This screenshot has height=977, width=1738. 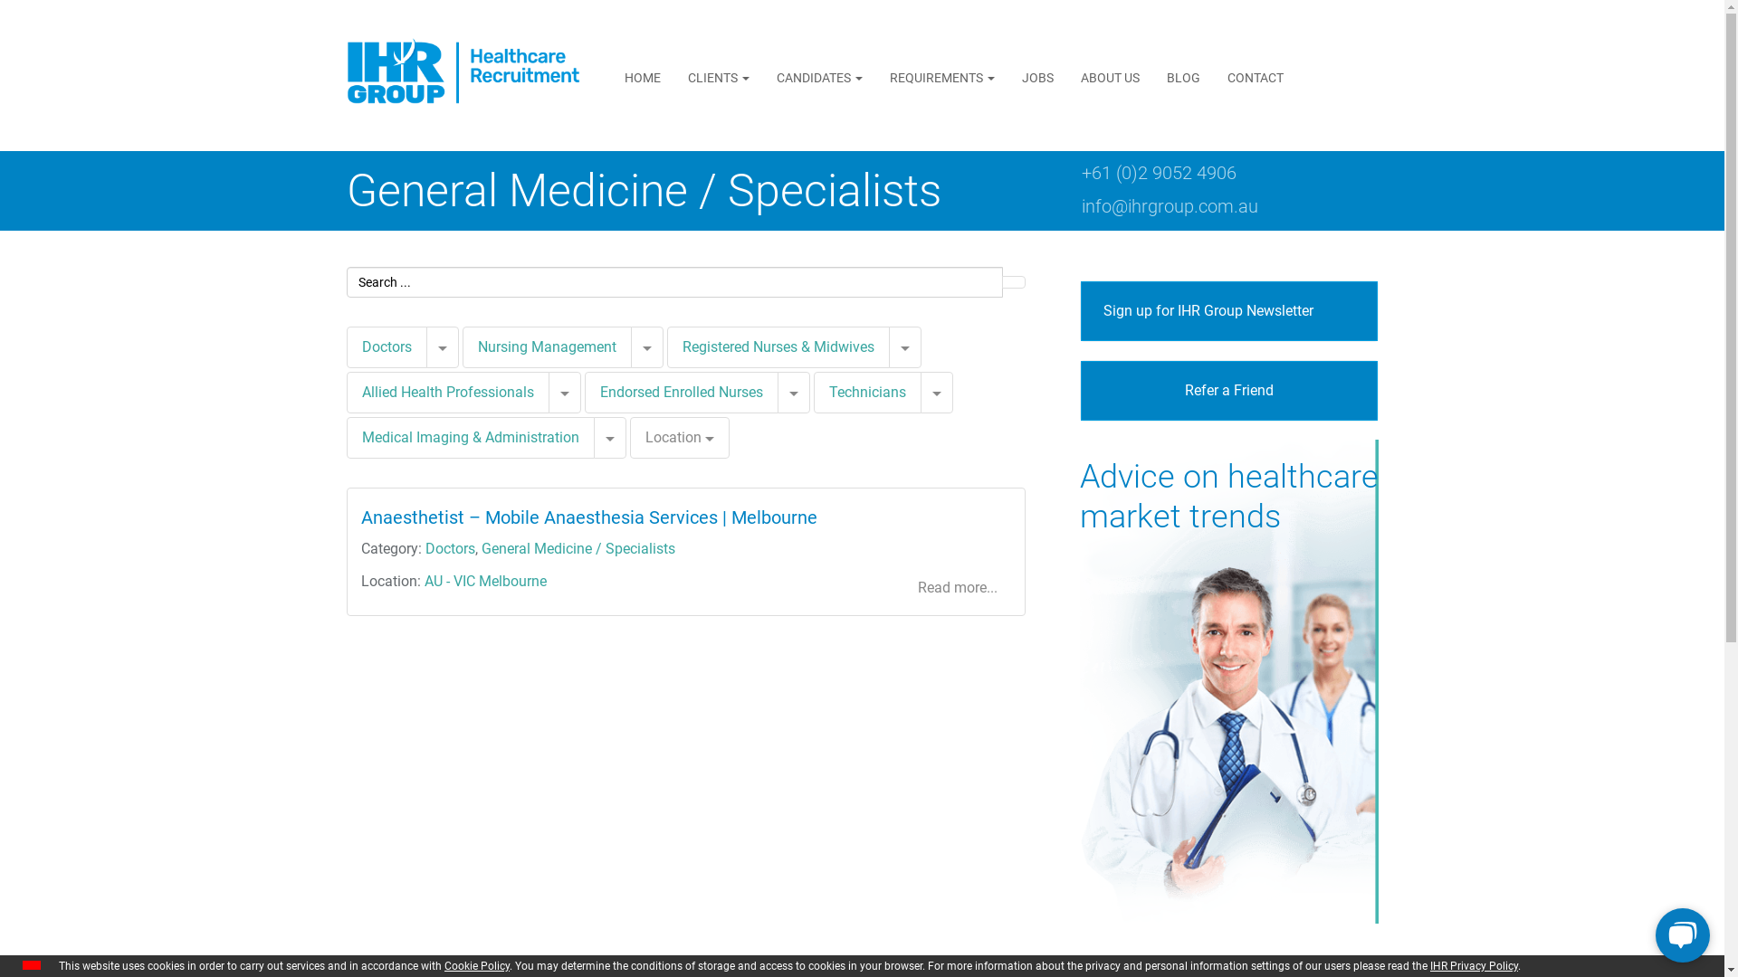 What do you see at coordinates (1007, 76) in the screenshot?
I see `'JOBS'` at bounding box center [1007, 76].